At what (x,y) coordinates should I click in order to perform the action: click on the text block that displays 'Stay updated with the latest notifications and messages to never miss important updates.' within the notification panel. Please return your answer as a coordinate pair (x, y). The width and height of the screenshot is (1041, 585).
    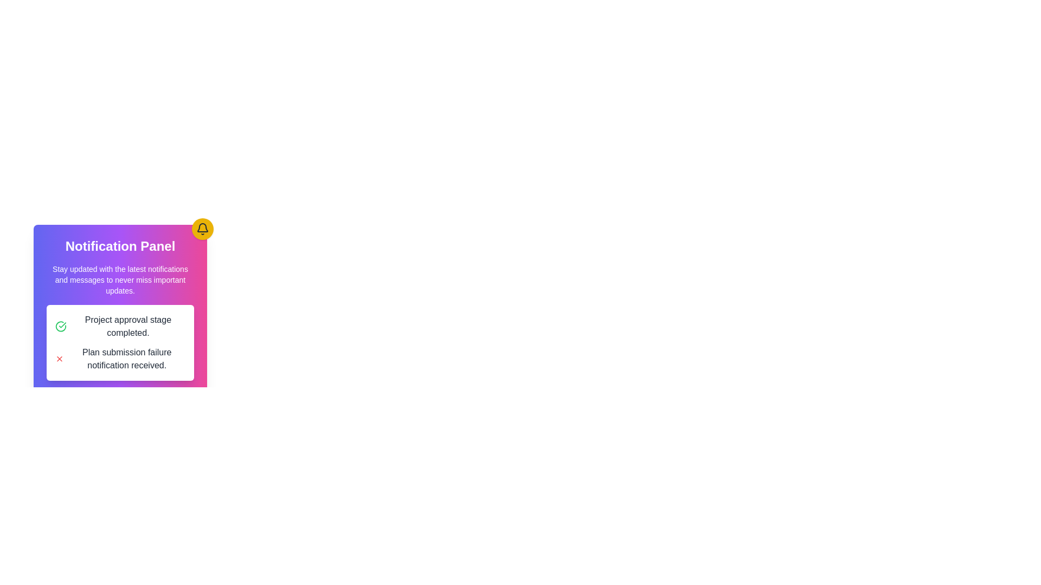
    Looking at the image, I should click on (120, 279).